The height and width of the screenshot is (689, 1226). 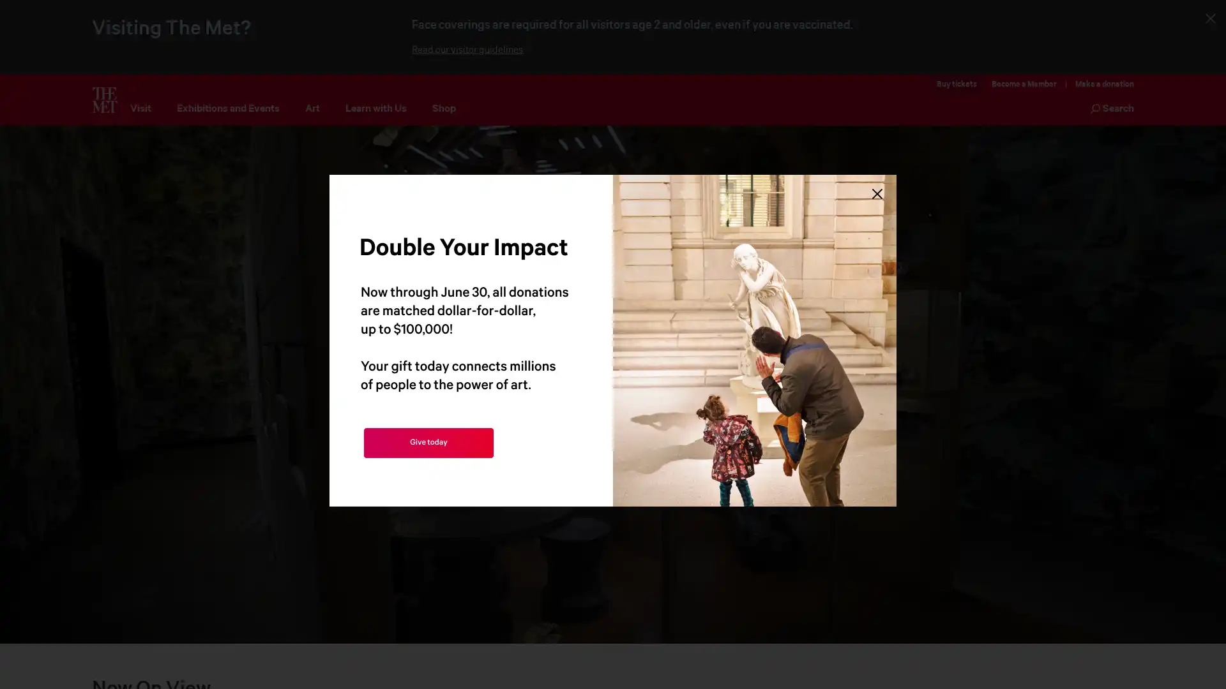 What do you see at coordinates (876, 194) in the screenshot?
I see `Close Lightbox` at bounding box center [876, 194].